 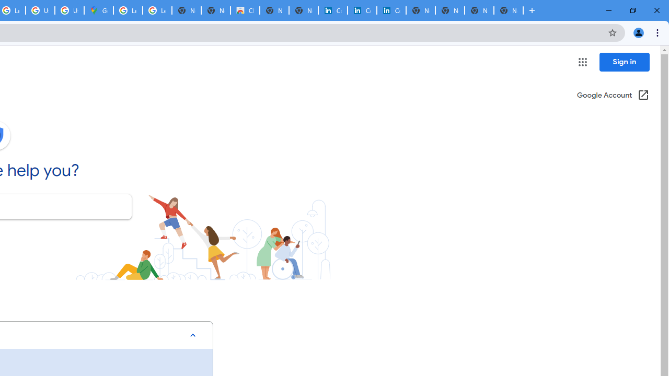 I want to click on 'Chrome Web Store', so click(x=245, y=10).